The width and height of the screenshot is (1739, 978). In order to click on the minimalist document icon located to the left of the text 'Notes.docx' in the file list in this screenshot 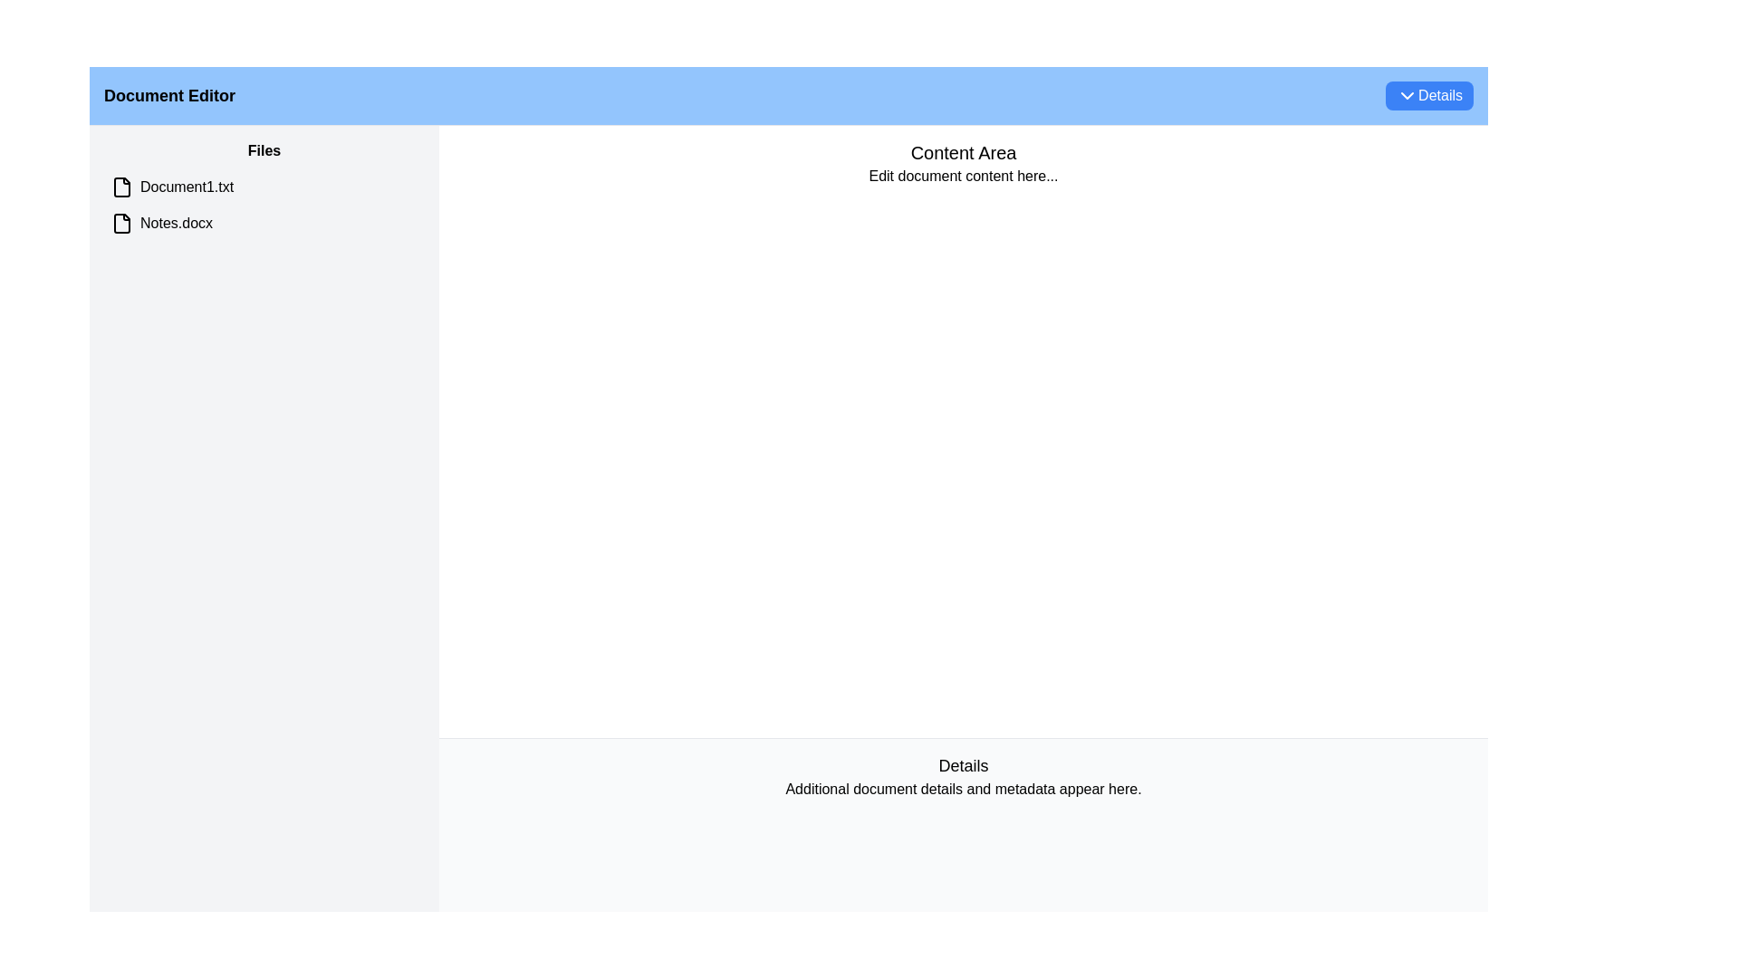, I will do `click(120, 222)`.